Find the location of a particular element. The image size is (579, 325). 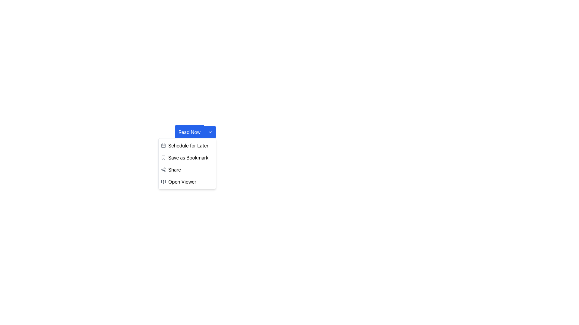

the small gray calendar icon located at the start of the 'Schedule for Later' option in the dropdown menu is located at coordinates (163, 145).